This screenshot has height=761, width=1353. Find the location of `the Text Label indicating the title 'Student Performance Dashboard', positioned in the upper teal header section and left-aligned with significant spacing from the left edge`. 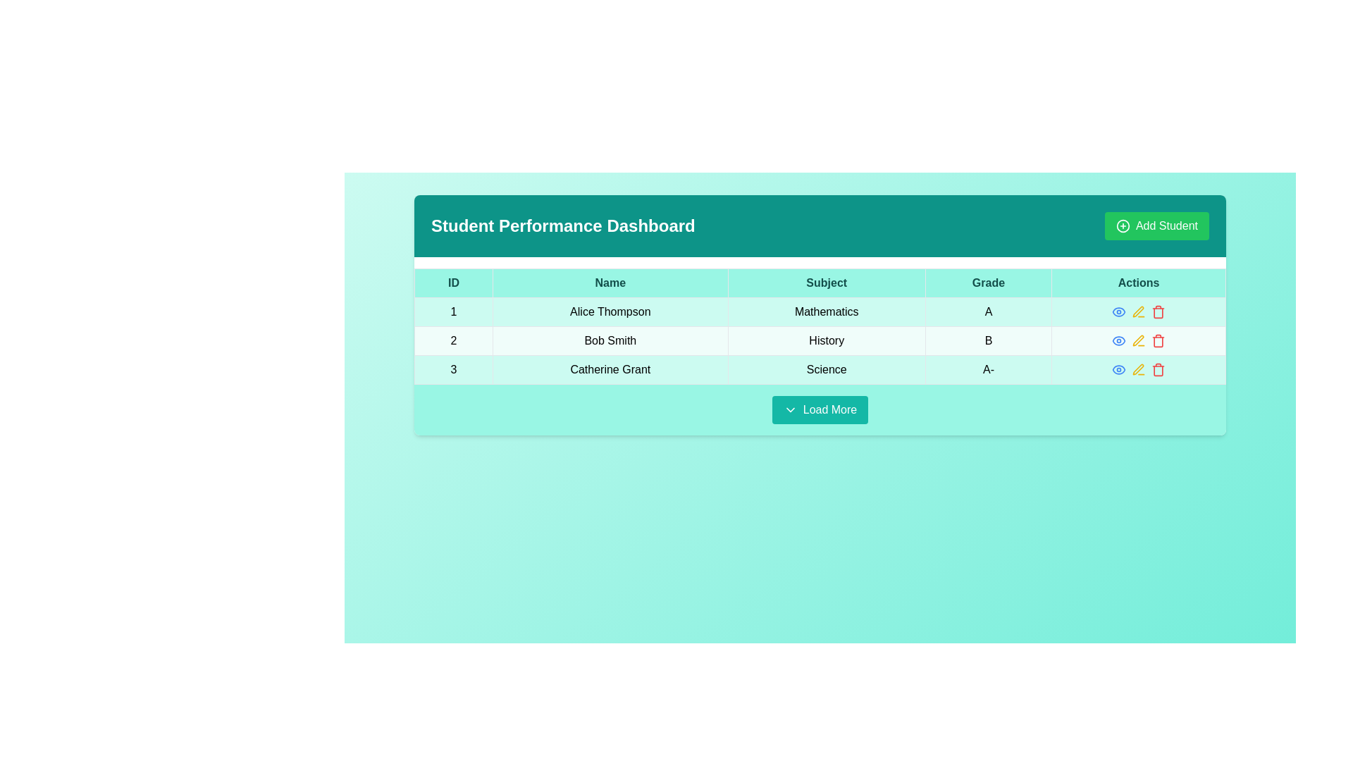

the Text Label indicating the title 'Student Performance Dashboard', positioned in the upper teal header section and left-aligned with significant spacing from the left edge is located at coordinates (562, 225).